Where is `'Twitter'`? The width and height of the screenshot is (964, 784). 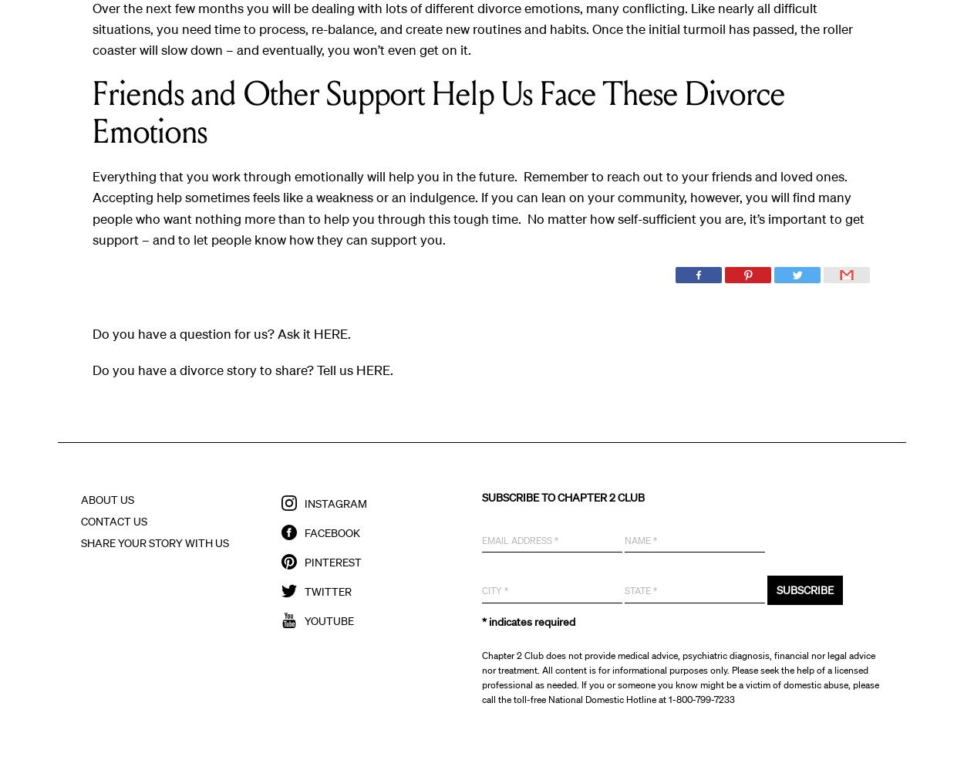 'Twitter' is located at coordinates (328, 590).